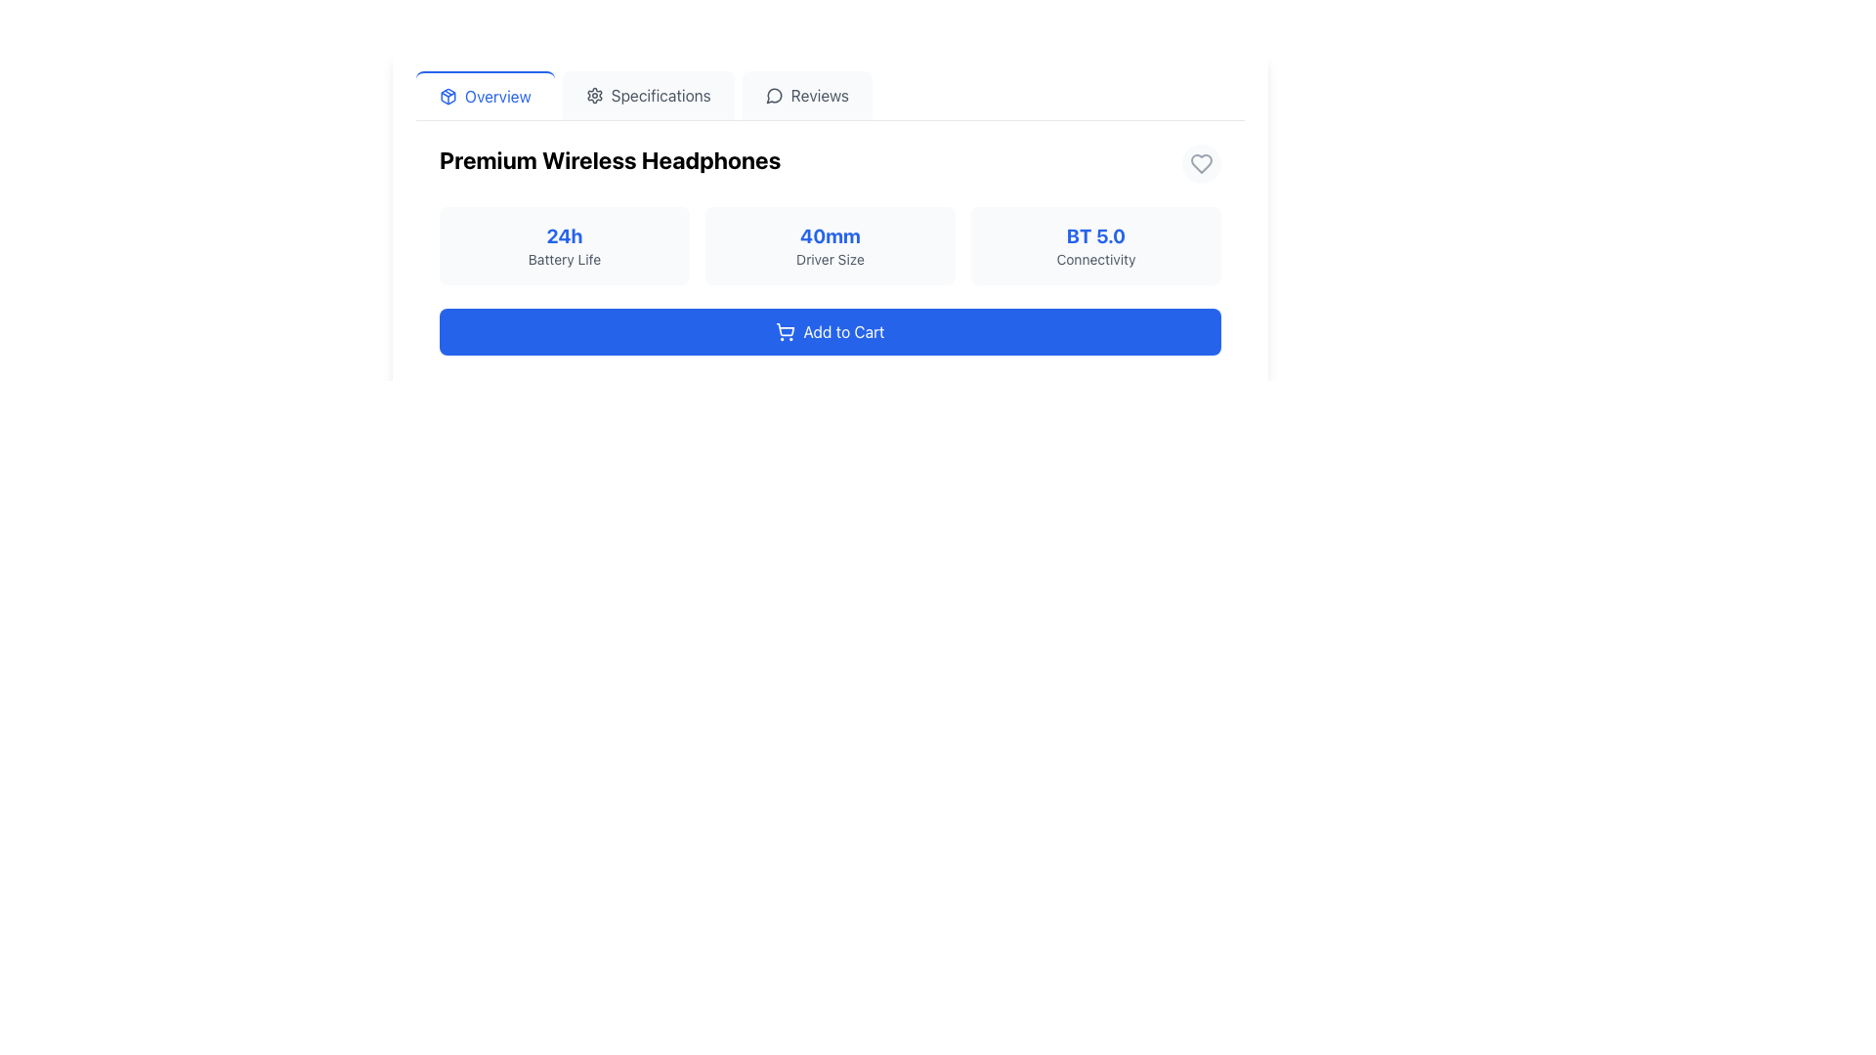 The width and height of the screenshot is (1876, 1055). What do you see at coordinates (648, 95) in the screenshot?
I see `the 'Specifications' tab, which is the second tab from the left` at bounding box center [648, 95].